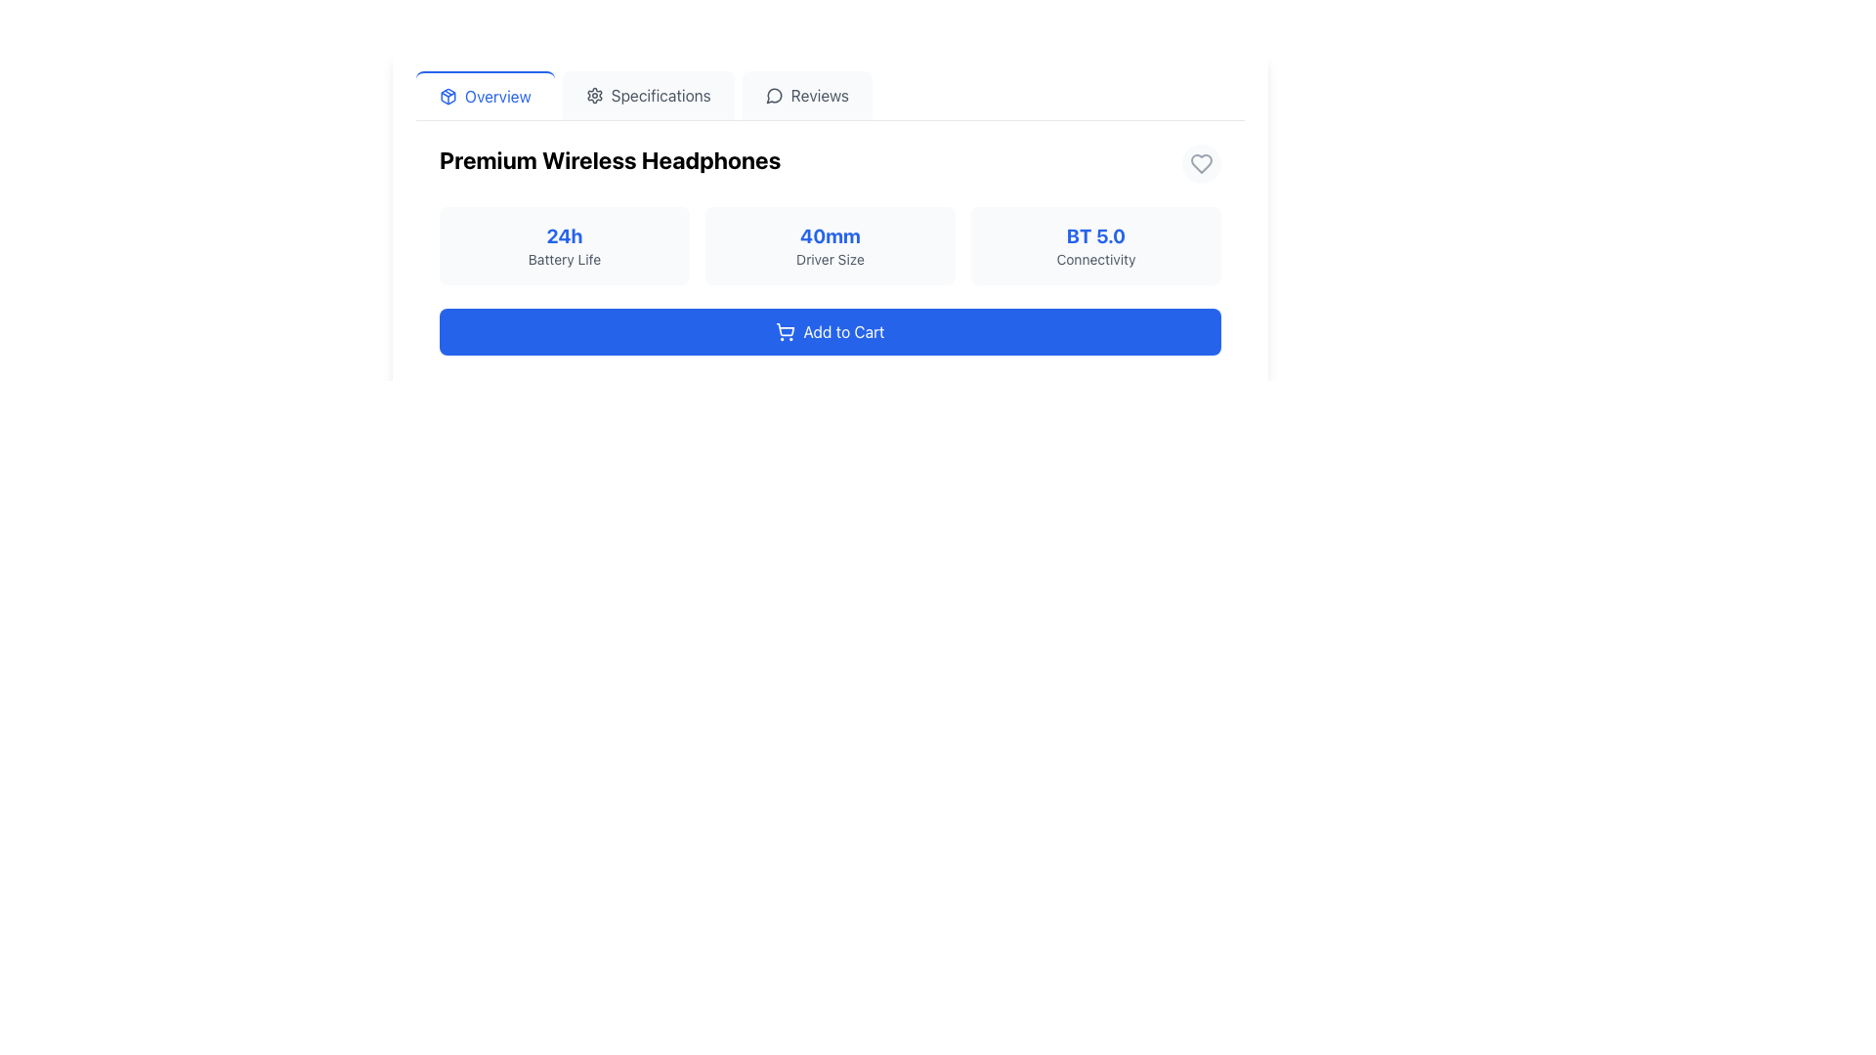 The width and height of the screenshot is (1876, 1055). What do you see at coordinates (648, 95) in the screenshot?
I see `the 'Specifications' tab, which is the second tab from the left` at bounding box center [648, 95].